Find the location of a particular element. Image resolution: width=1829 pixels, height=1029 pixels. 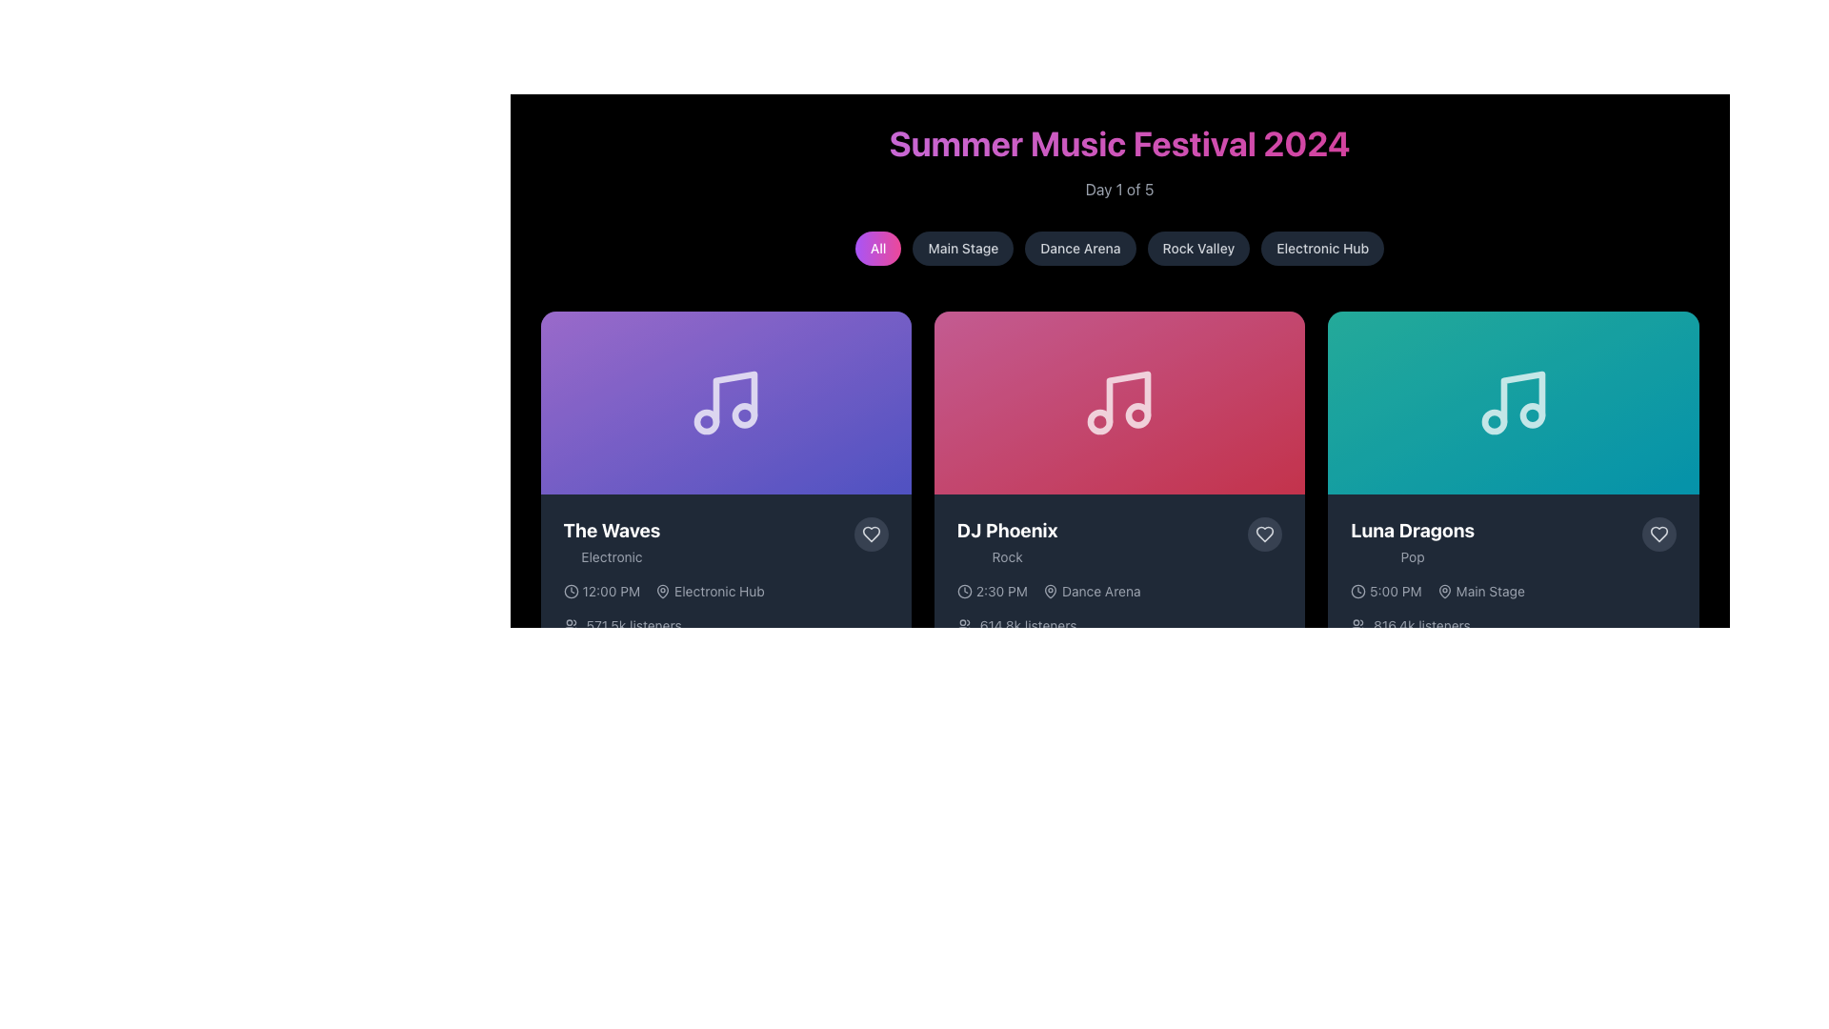

the text and icon element displaying '816.4k listeners' for the 'Luna Dragons' performance, located at the bottom of the card is located at coordinates (1512, 625).